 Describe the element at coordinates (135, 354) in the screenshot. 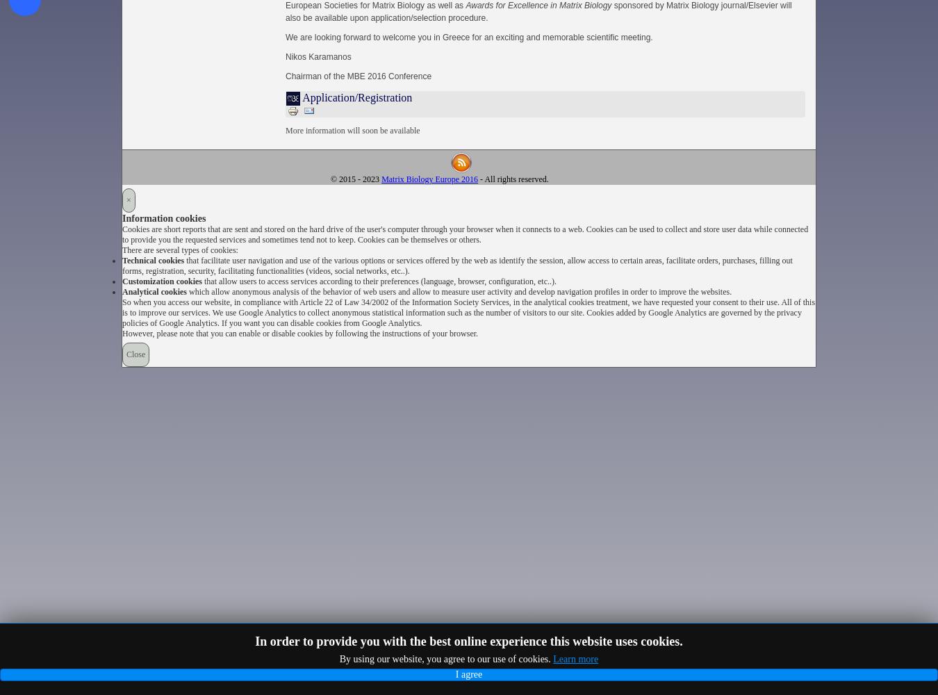

I see `'Close'` at that location.